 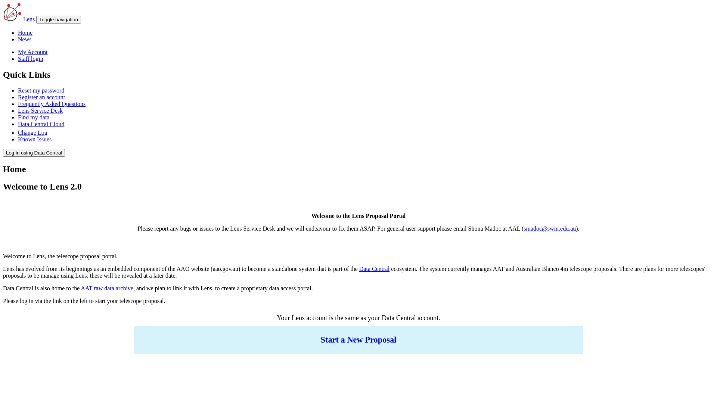 What do you see at coordinates (40, 110) in the screenshot?
I see `'Lens Service Desk'` at bounding box center [40, 110].